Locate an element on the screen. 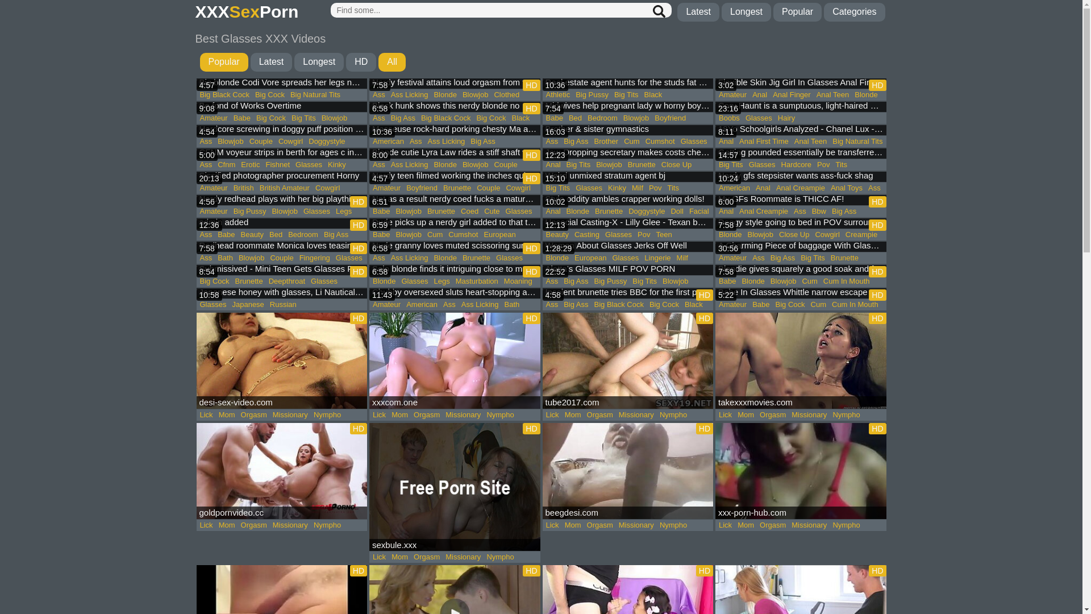 This screenshot has height=614, width=1091. 'Jaw-Dropping secretary makes costs cheat w relief! is located at coordinates (627, 153).